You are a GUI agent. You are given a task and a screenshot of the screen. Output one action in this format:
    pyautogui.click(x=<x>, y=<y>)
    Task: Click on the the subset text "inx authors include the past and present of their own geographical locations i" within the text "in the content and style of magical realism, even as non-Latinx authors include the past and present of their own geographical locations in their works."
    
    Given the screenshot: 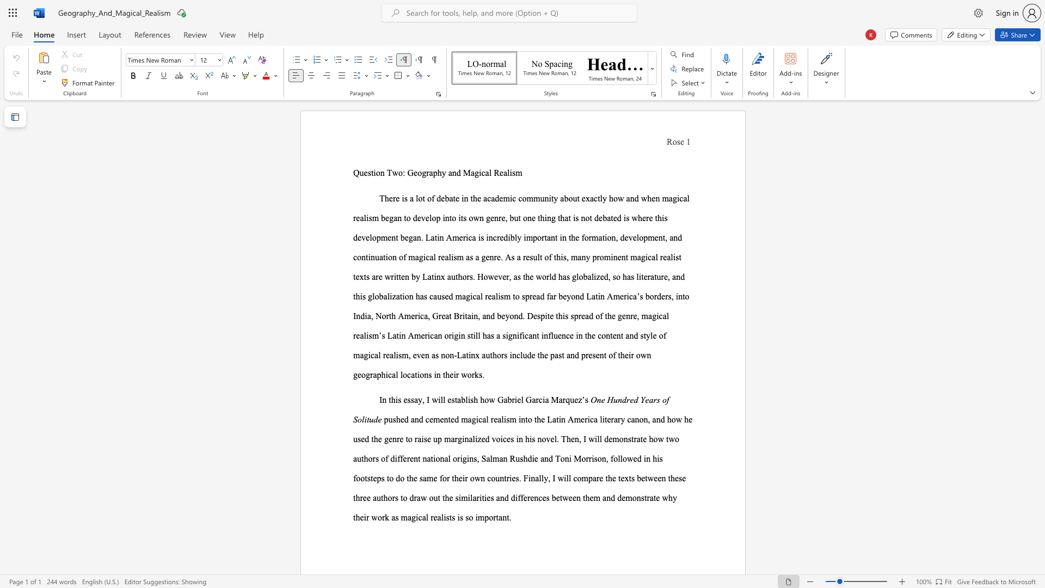 What is the action you would take?
    pyautogui.click(x=468, y=355)
    